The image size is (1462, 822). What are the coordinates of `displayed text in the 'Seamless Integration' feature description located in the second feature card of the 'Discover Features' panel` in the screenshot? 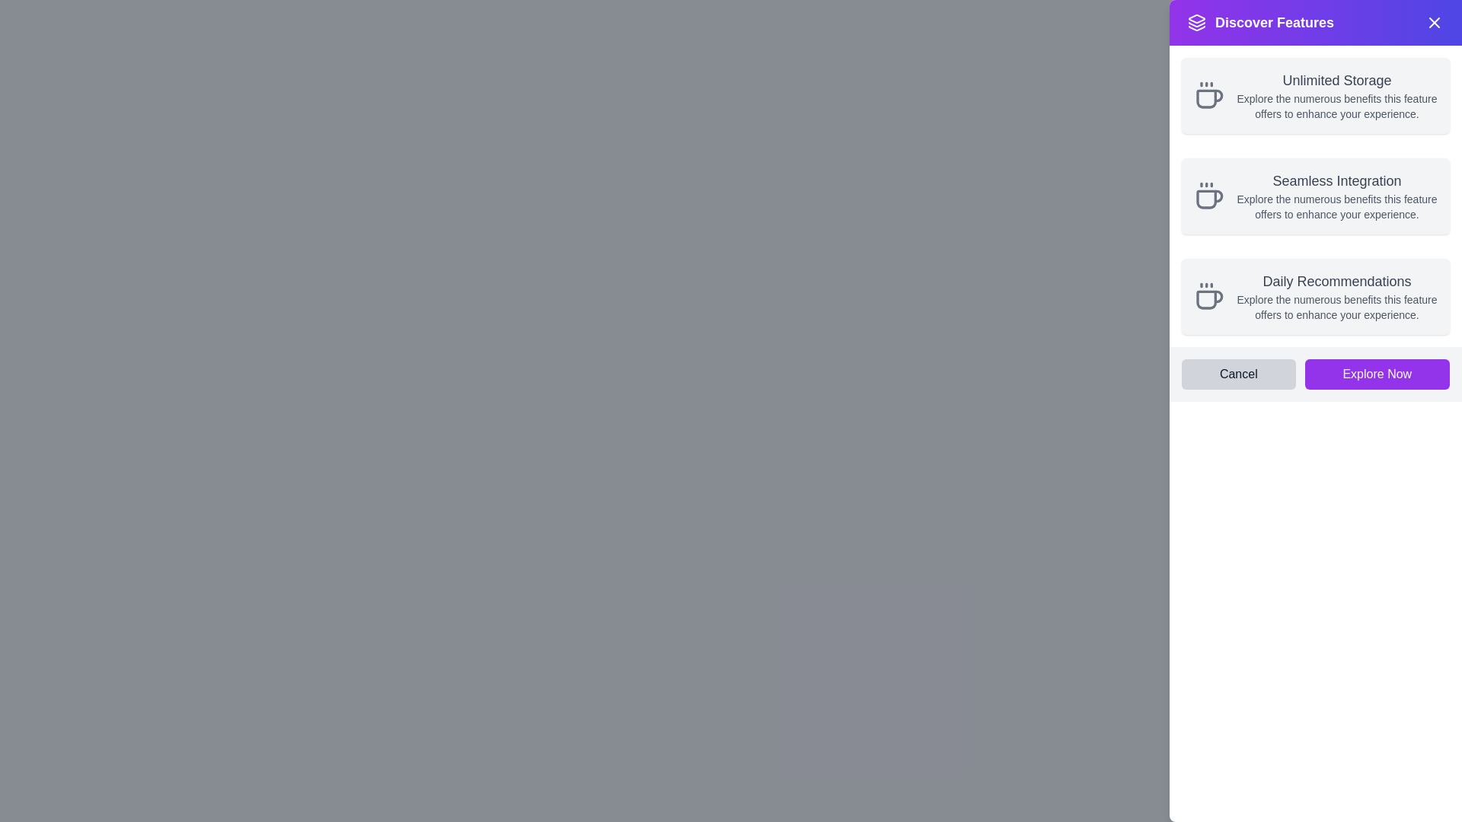 It's located at (1336, 196).